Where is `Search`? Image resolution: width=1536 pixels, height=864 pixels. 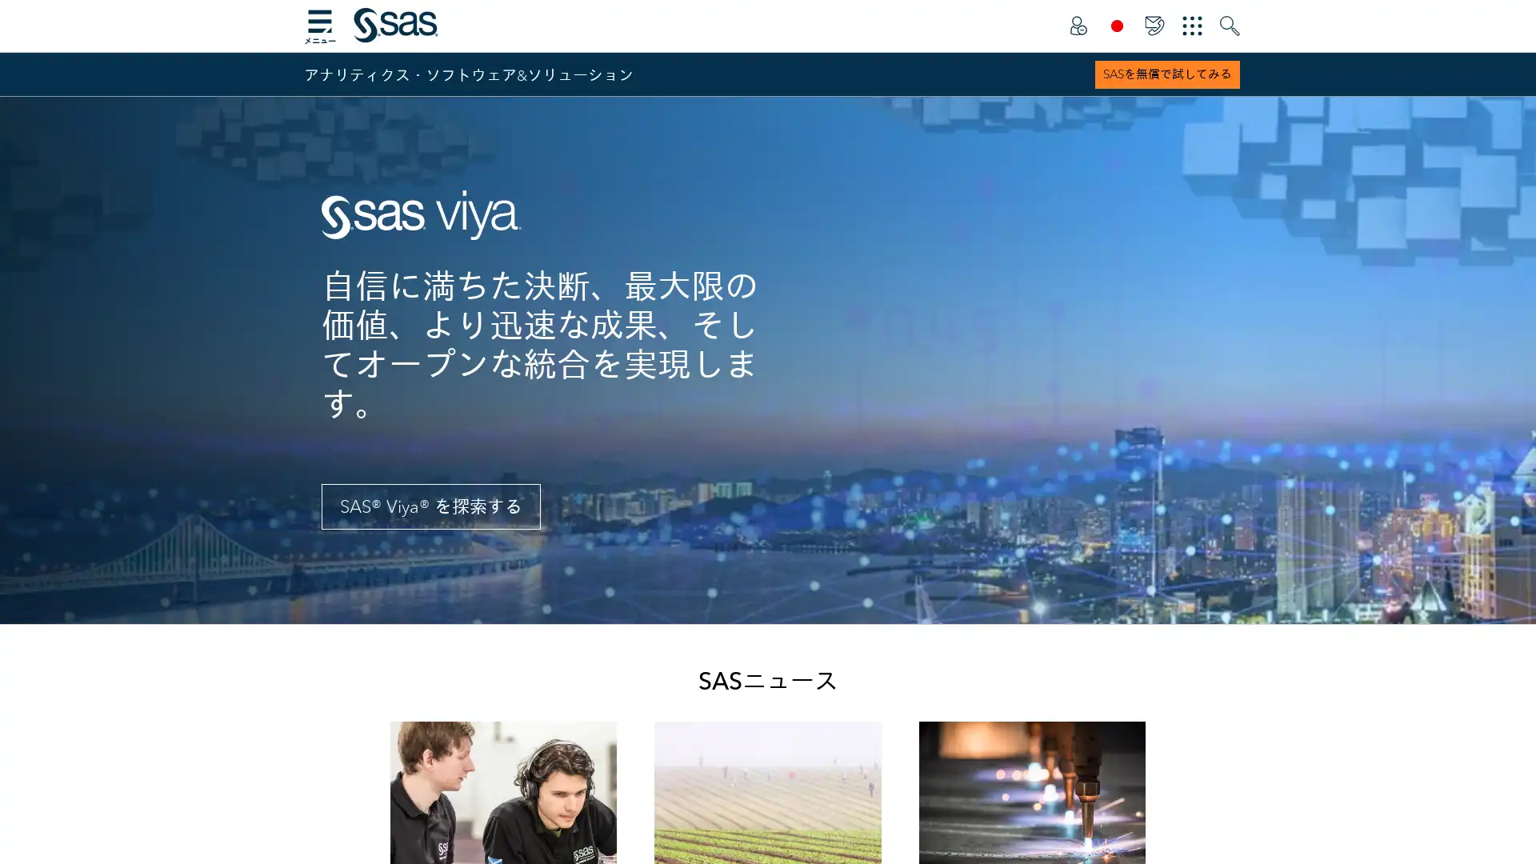
Search is located at coordinates (1229, 26).